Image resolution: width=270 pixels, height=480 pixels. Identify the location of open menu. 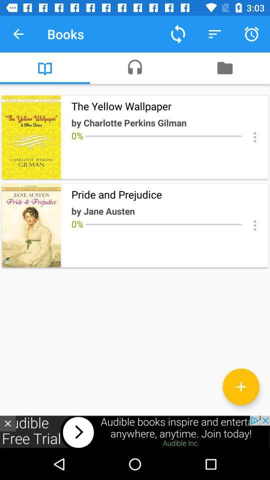
(254, 136).